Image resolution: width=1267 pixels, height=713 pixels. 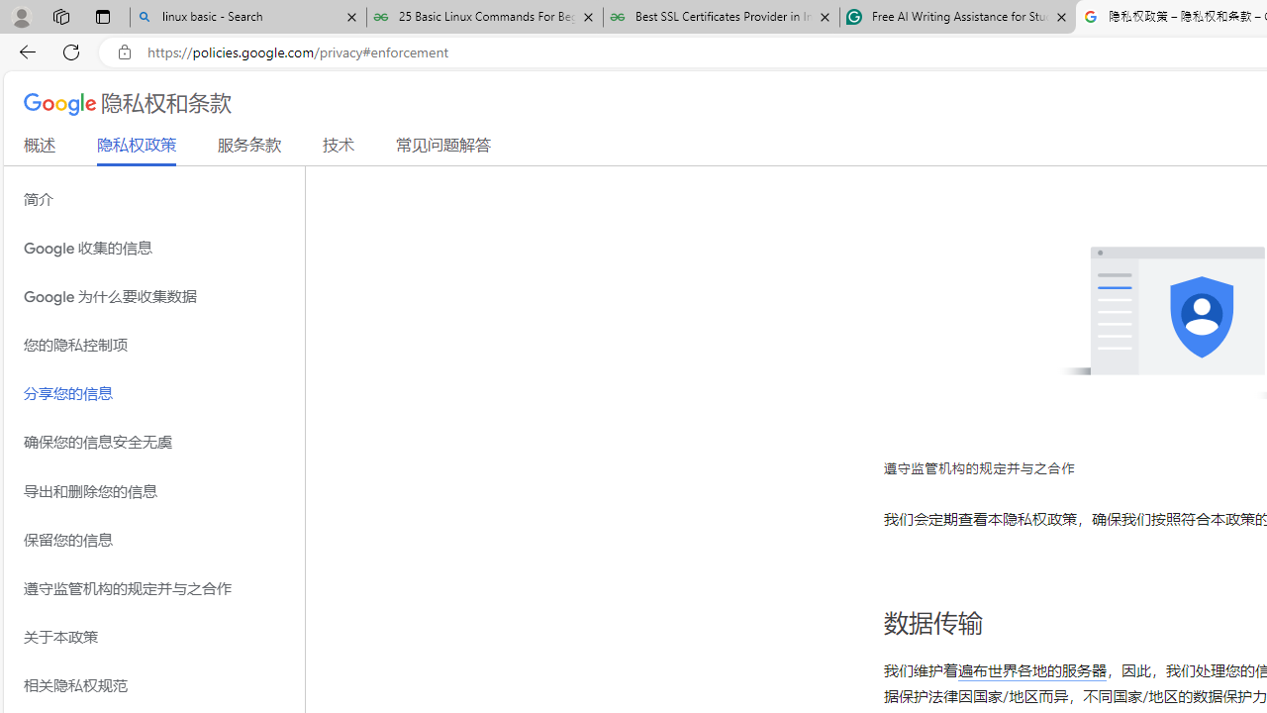 What do you see at coordinates (957, 17) in the screenshot?
I see `'Free AI Writing Assistance for Students | Grammarly'` at bounding box center [957, 17].